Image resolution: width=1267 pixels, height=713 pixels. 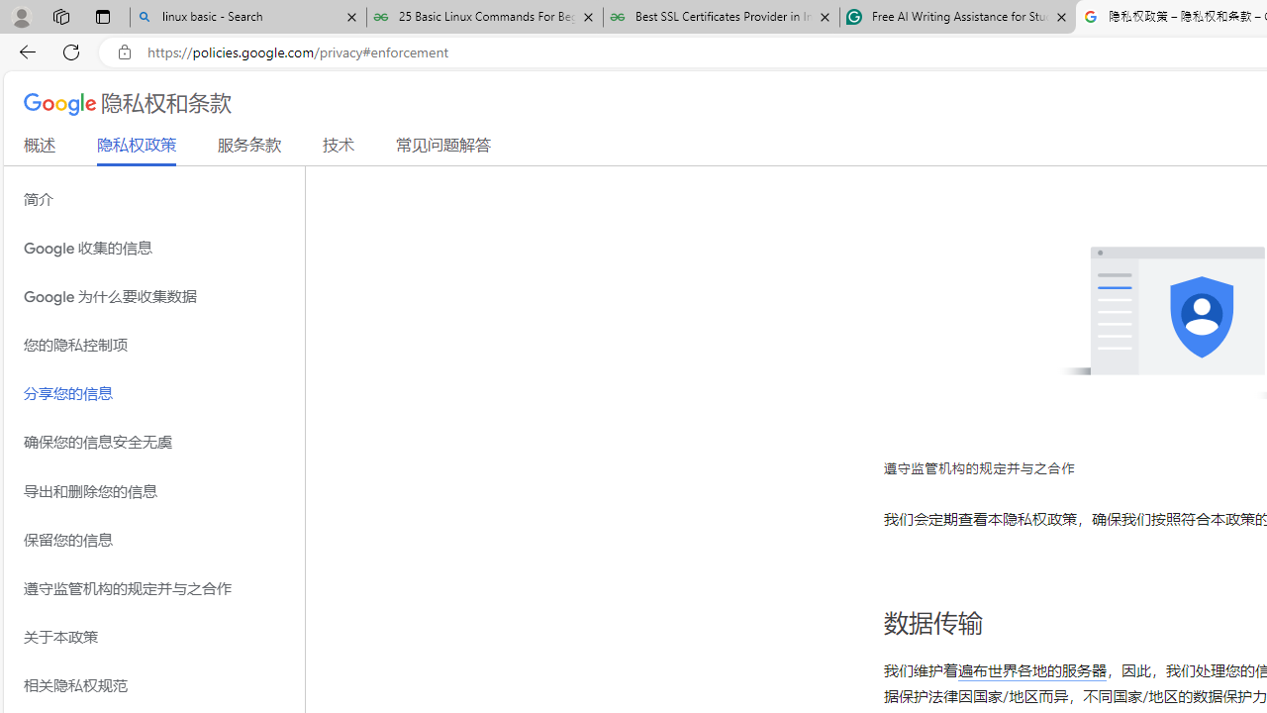 What do you see at coordinates (957, 17) in the screenshot?
I see `'Free AI Writing Assistance for Students | Grammarly'` at bounding box center [957, 17].